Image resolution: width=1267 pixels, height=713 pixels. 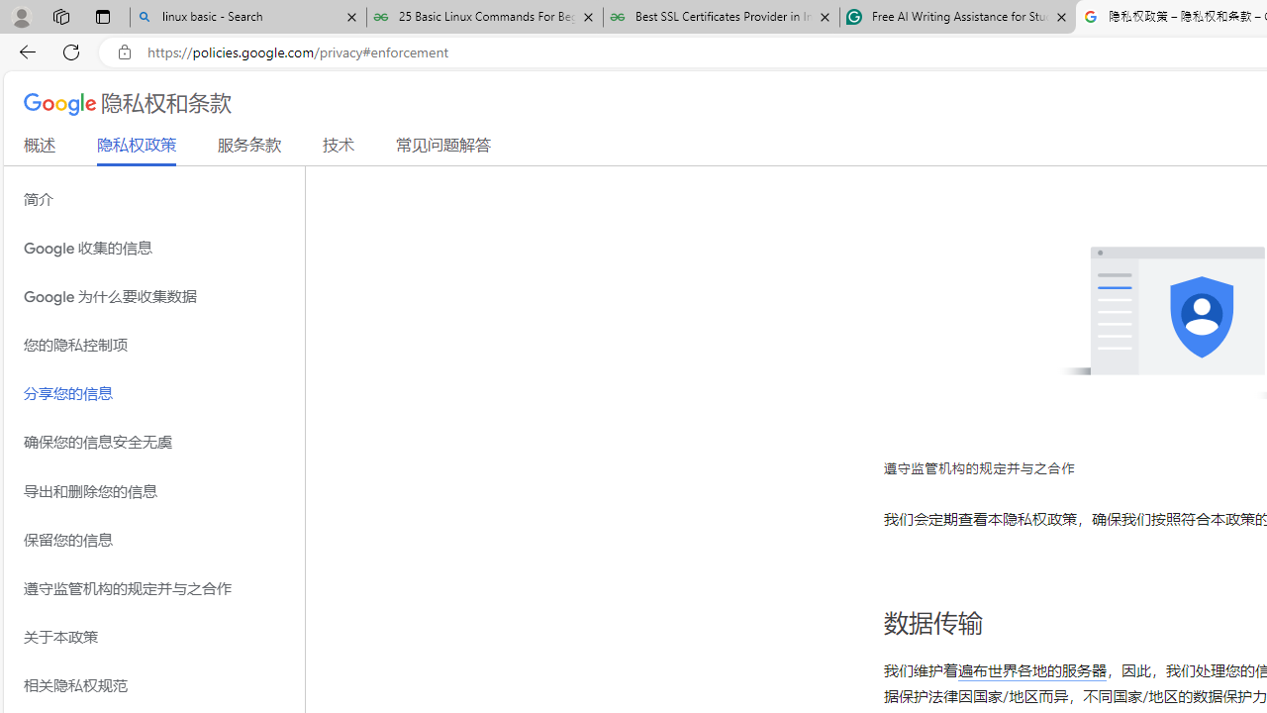 What do you see at coordinates (957, 17) in the screenshot?
I see `'Free AI Writing Assistance for Students | Grammarly'` at bounding box center [957, 17].